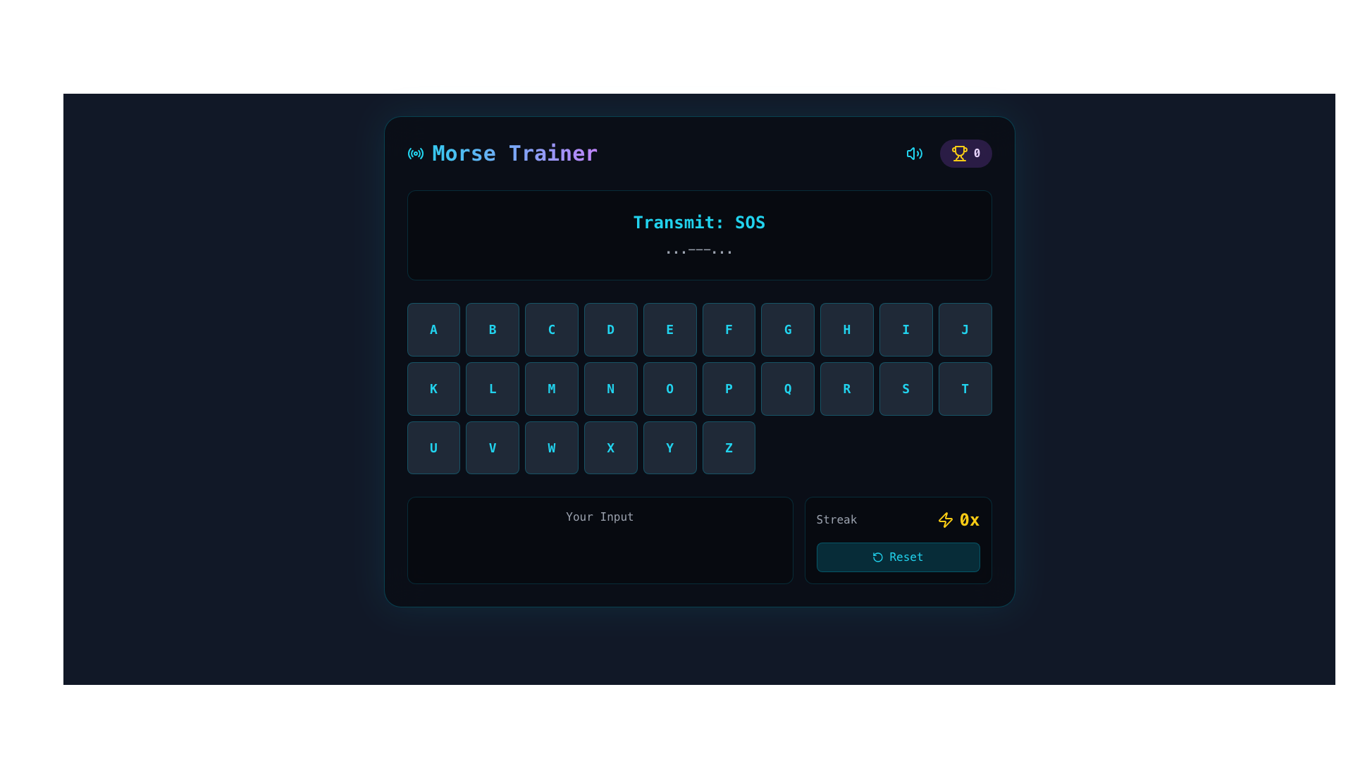 This screenshot has width=1353, height=761. I want to click on the square button with a rounded design that has a dark gray background and a cyan border, displaying the bold uppercase letter 'L', located in the second row of a grid of buttons, so click(493, 388).